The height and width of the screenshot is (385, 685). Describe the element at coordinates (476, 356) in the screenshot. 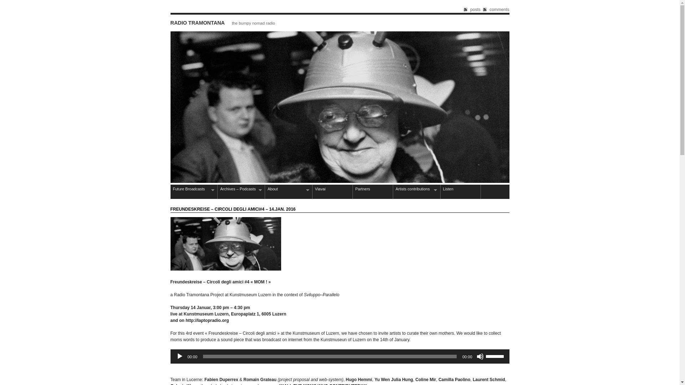

I see `'Mute'` at that location.